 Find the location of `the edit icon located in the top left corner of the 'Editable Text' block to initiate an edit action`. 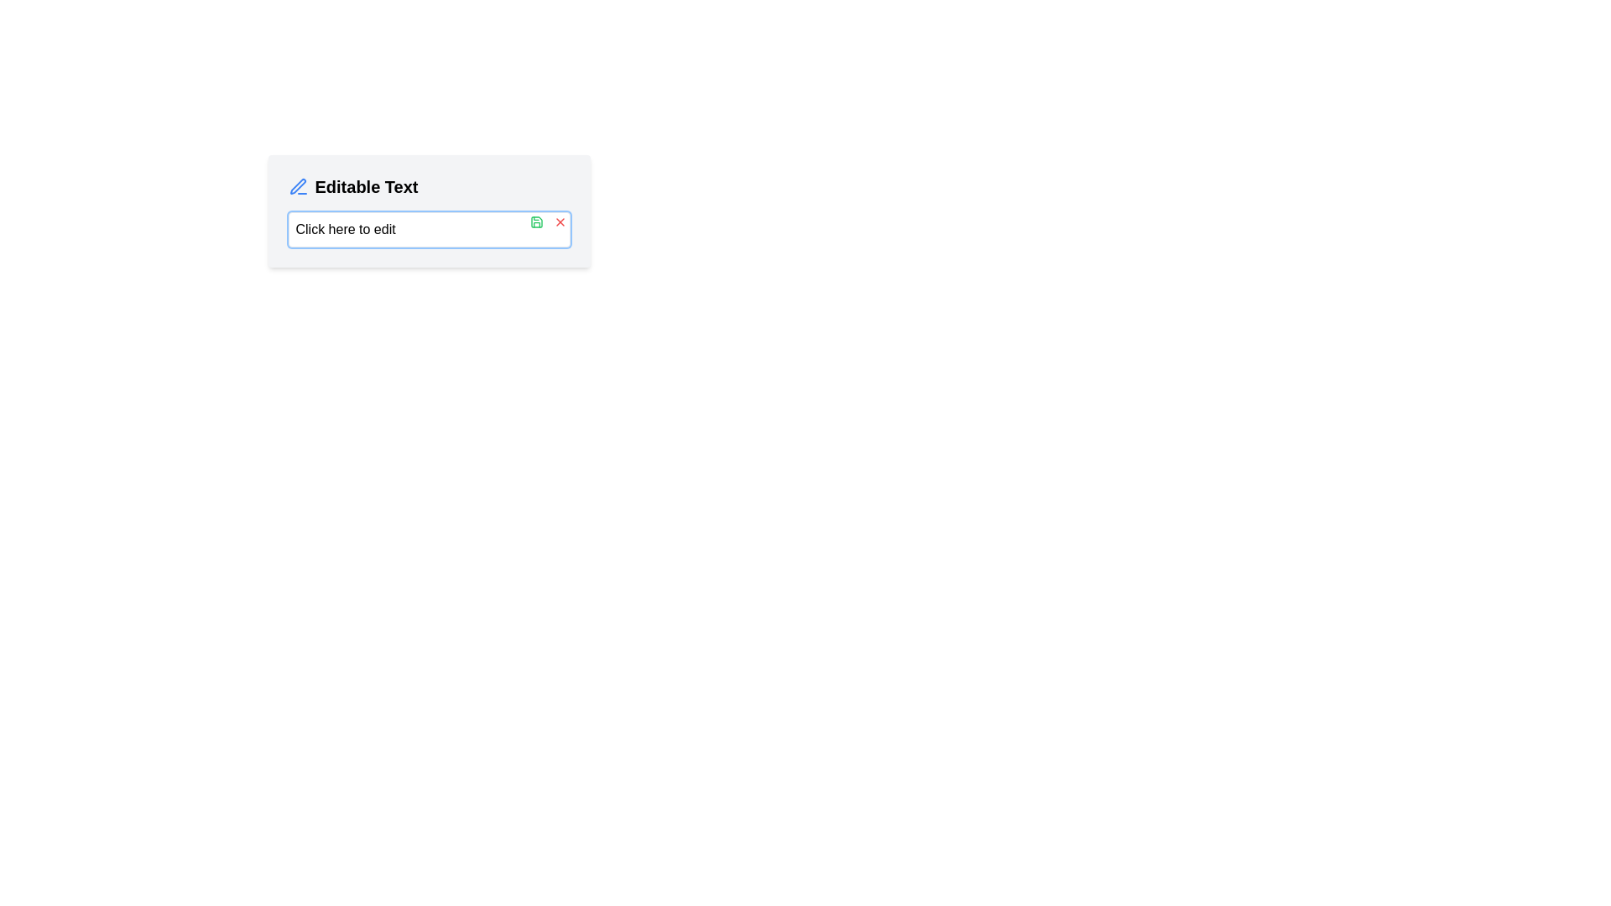

the edit icon located in the top left corner of the 'Editable Text' block to initiate an edit action is located at coordinates (298, 187).